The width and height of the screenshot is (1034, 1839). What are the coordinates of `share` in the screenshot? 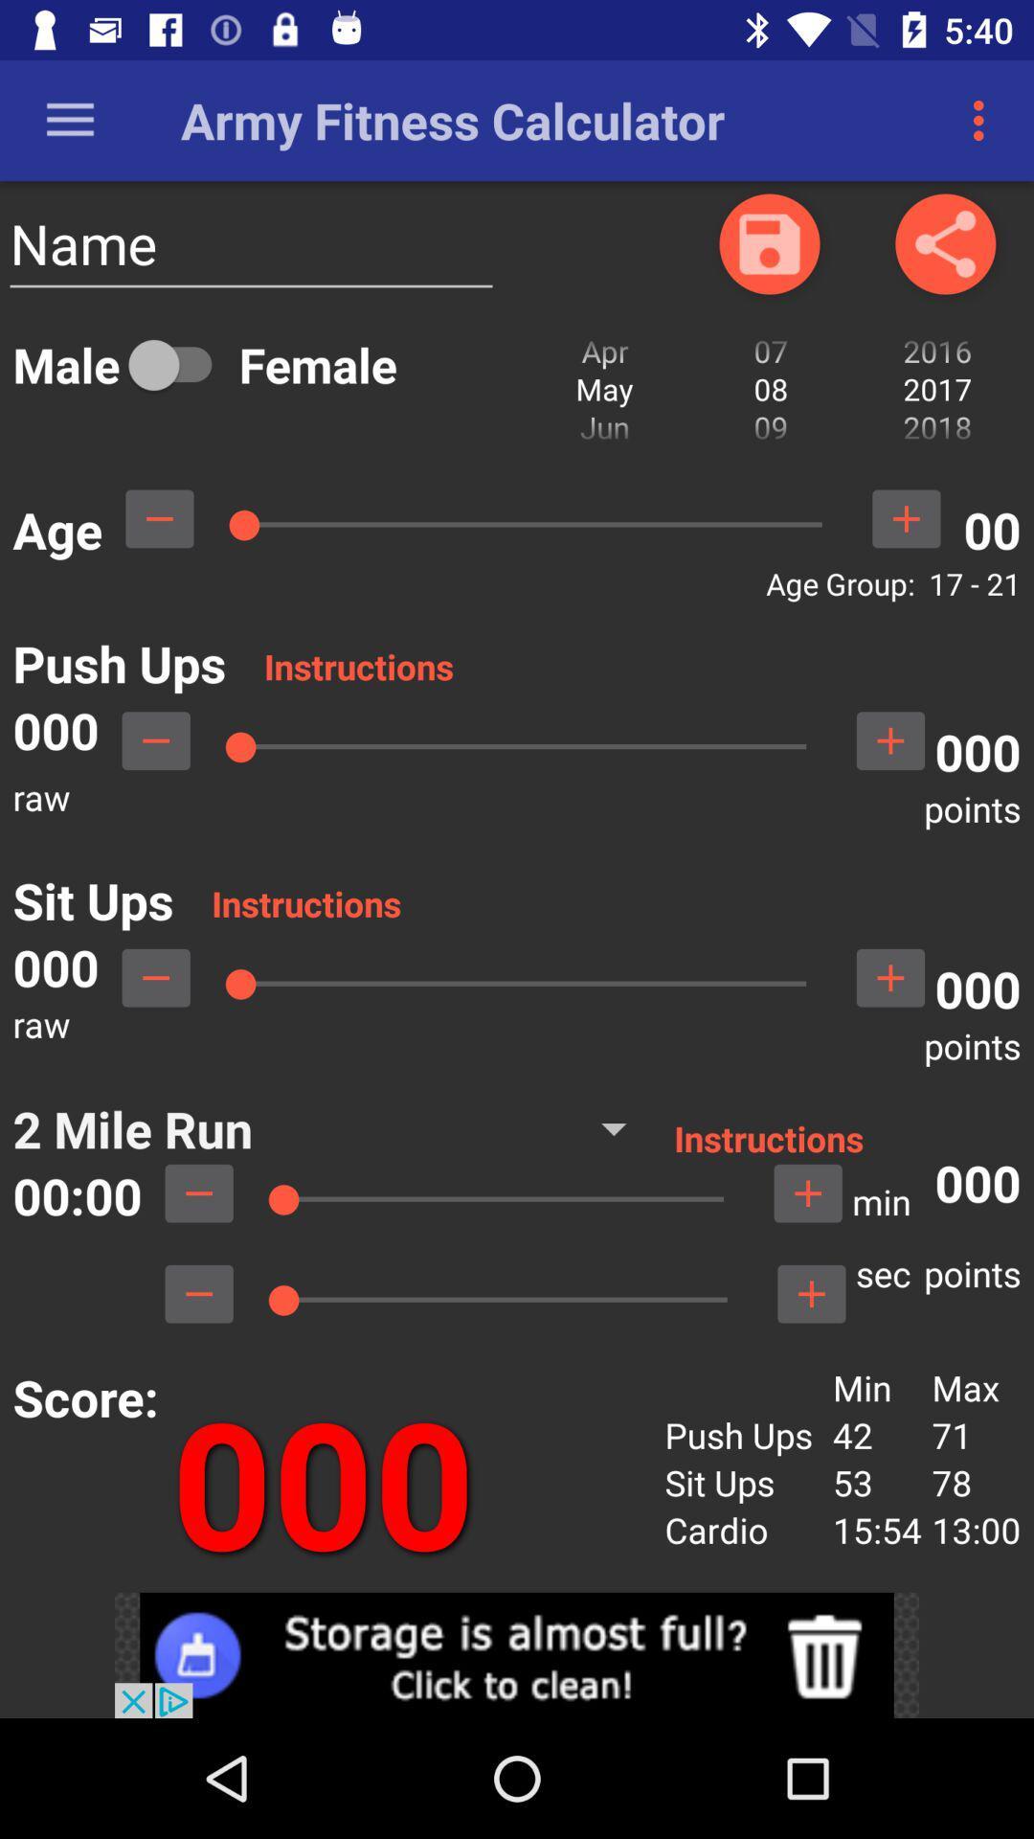 It's located at (944, 242).